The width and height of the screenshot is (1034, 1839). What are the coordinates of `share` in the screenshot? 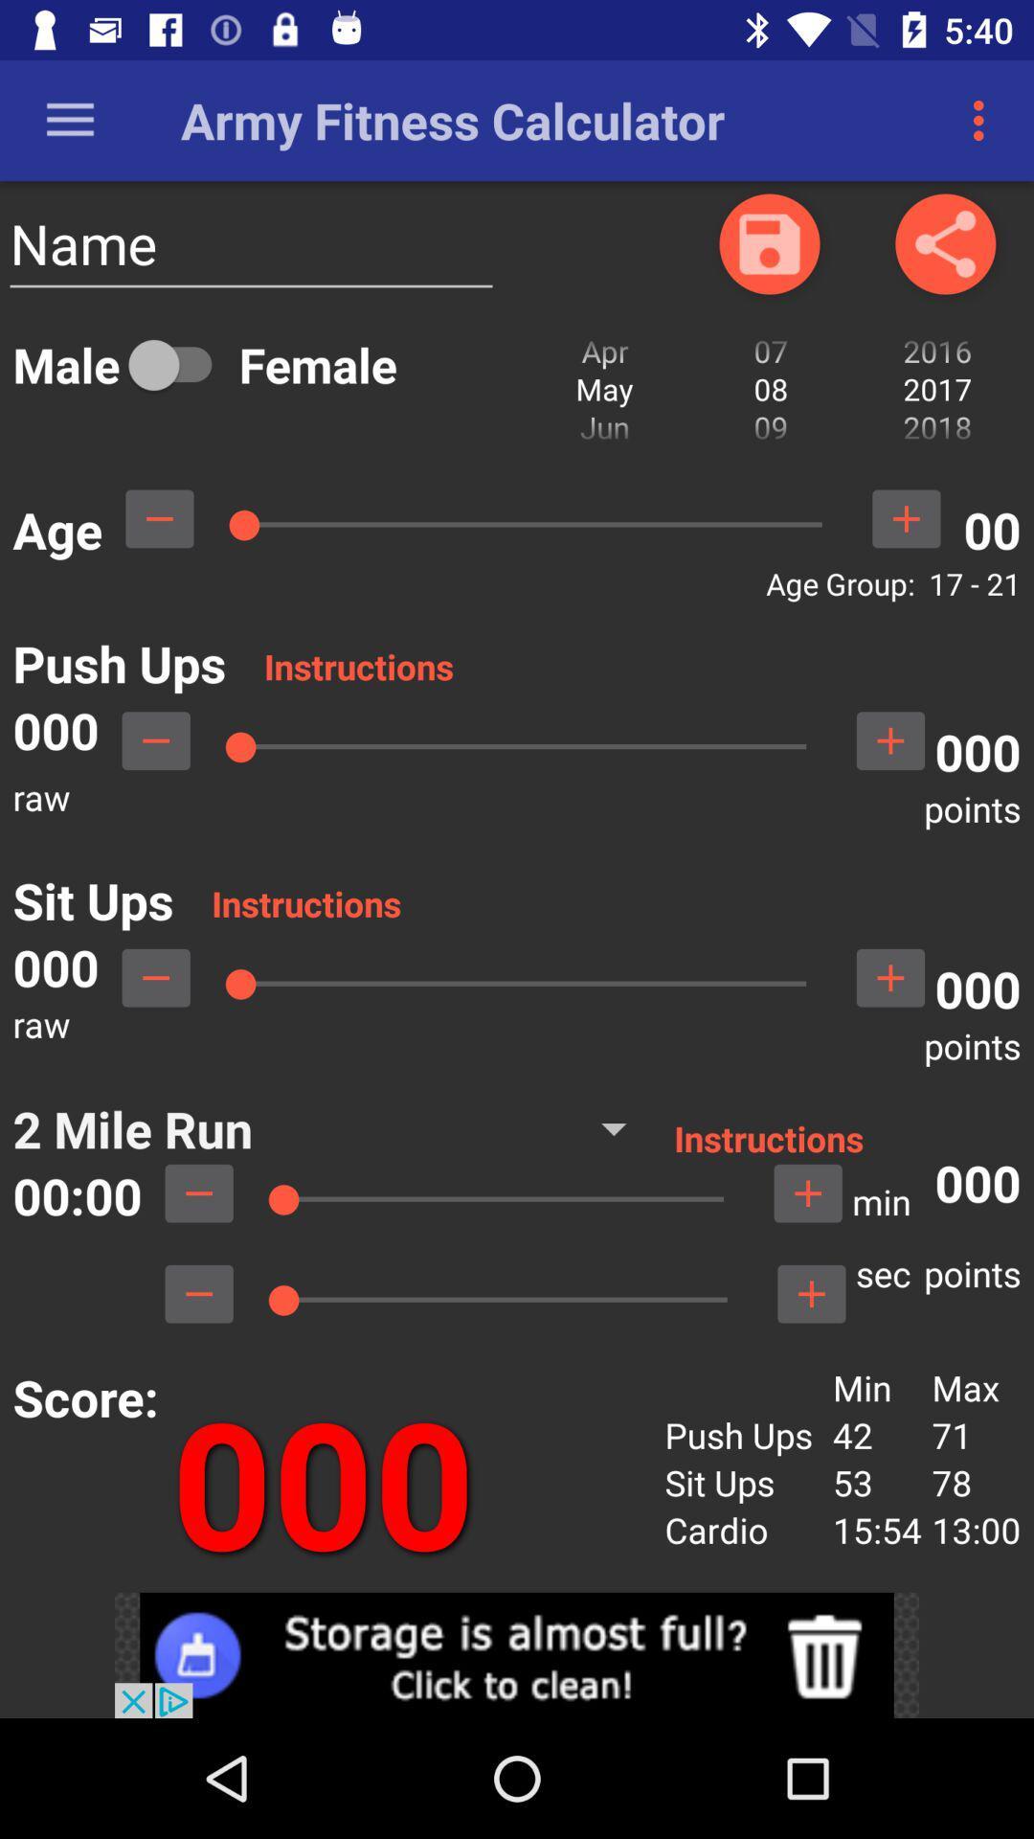 It's located at (944, 242).